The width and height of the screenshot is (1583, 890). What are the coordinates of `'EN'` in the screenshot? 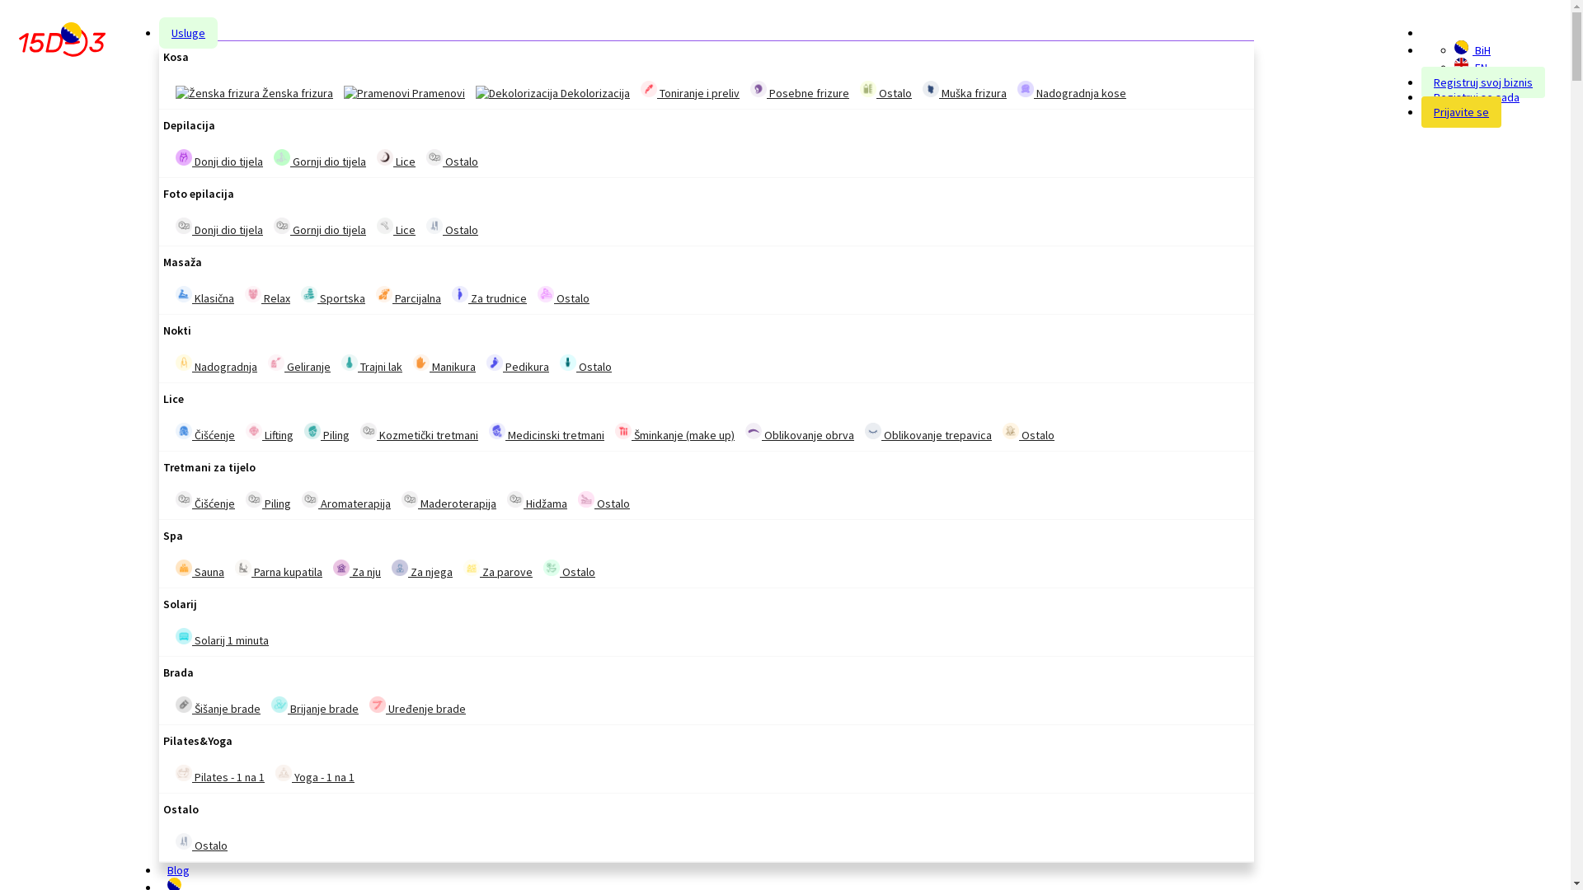 It's located at (1461, 63).